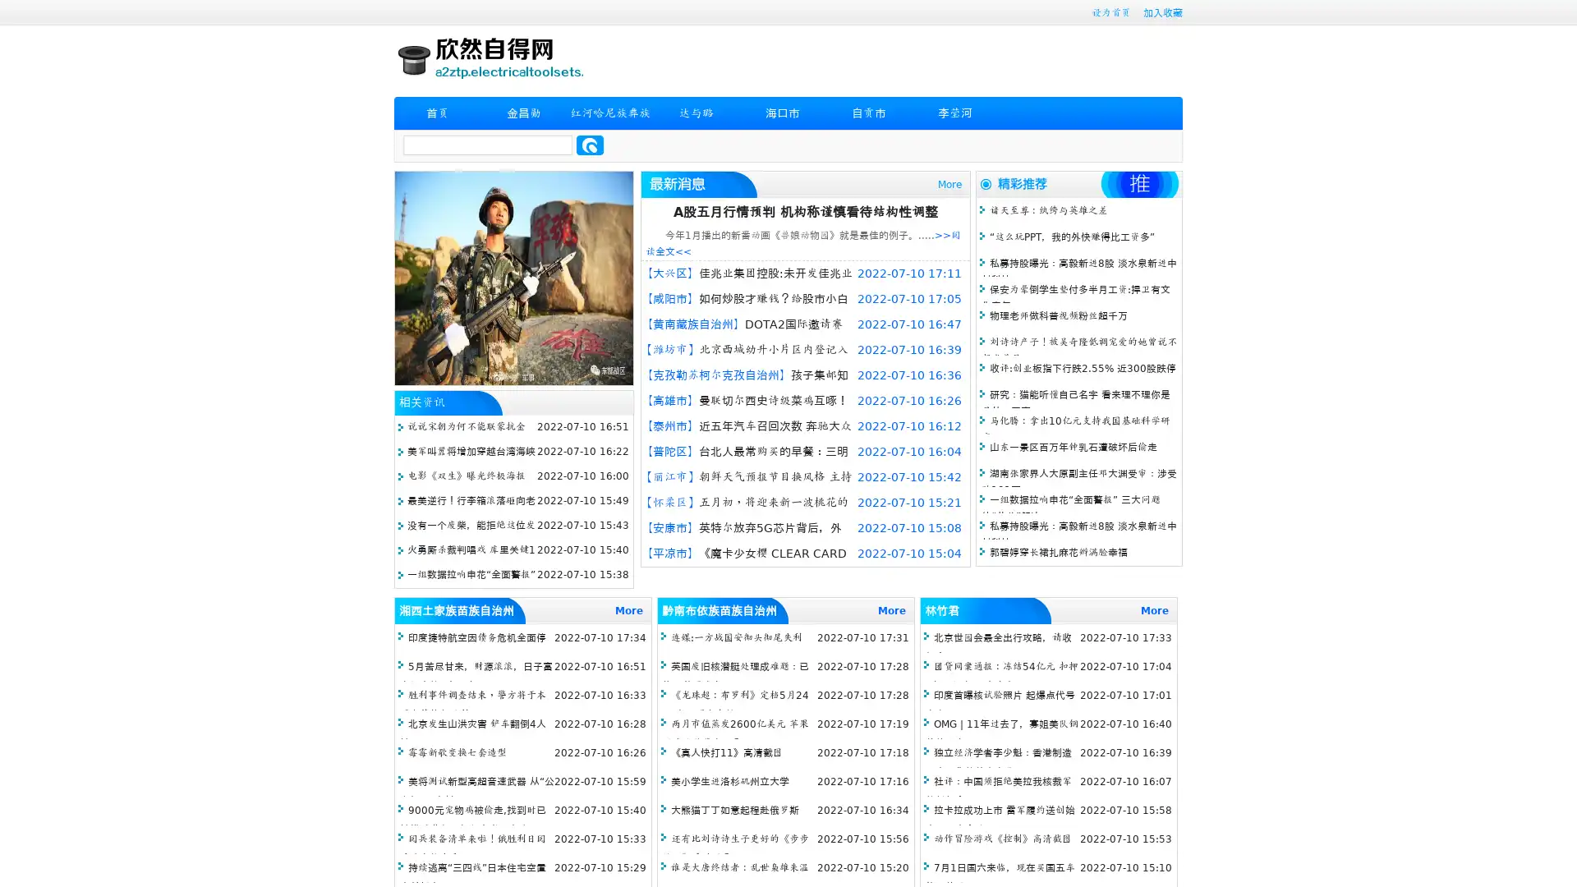 This screenshot has width=1577, height=887. What do you see at coordinates (590, 145) in the screenshot?
I see `Search` at bounding box center [590, 145].